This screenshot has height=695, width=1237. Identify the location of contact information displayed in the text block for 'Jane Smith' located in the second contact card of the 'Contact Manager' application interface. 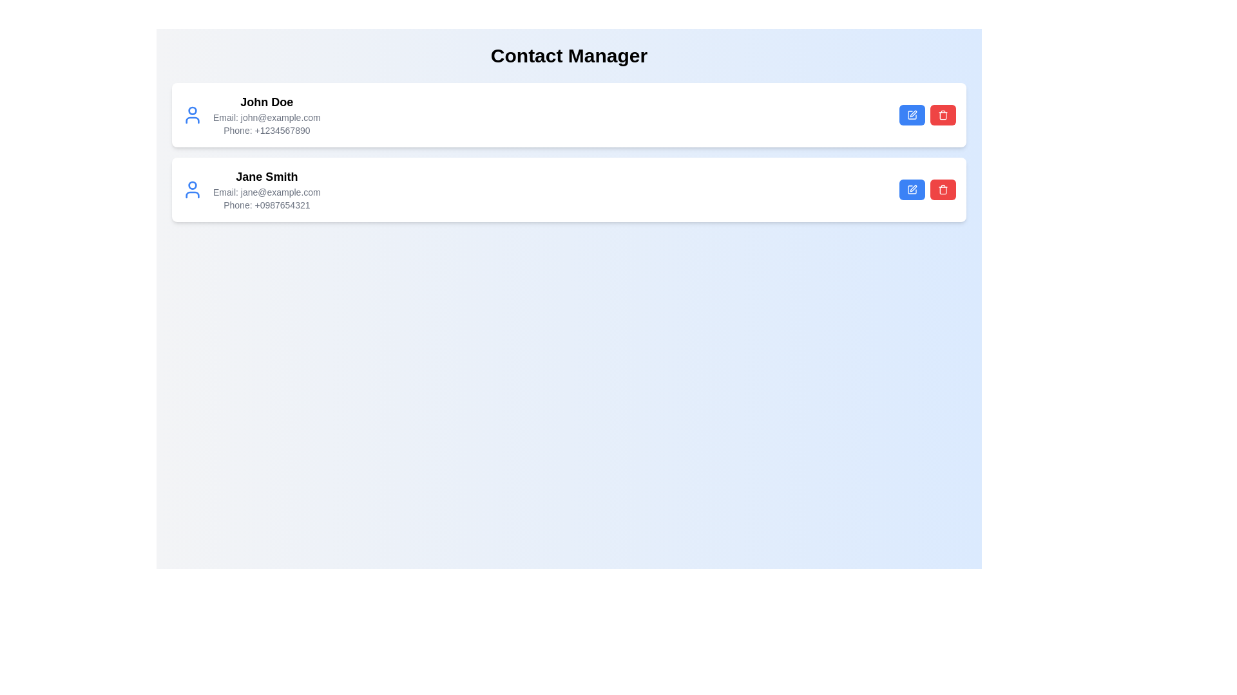
(266, 189).